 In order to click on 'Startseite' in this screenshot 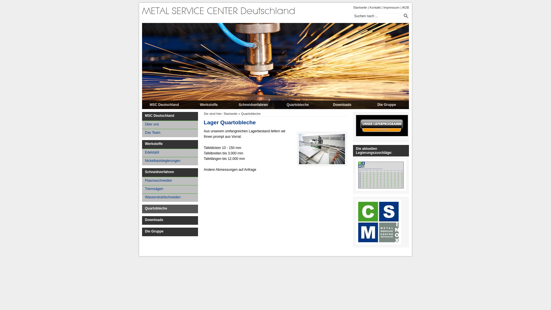, I will do `click(223, 114)`.